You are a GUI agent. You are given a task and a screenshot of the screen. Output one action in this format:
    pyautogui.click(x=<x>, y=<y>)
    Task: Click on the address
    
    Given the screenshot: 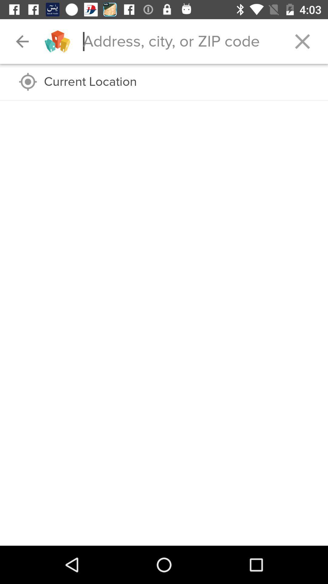 What is the action you would take?
    pyautogui.click(x=179, y=41)
    